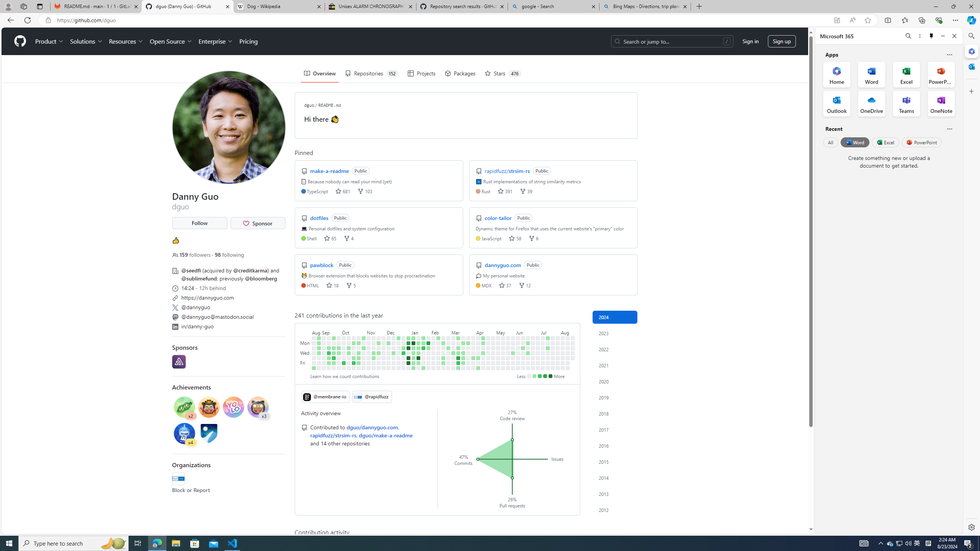 This screenshot has height=551, width=980. I want to click on 'No contributions on April 30th.', so click(493, 347).